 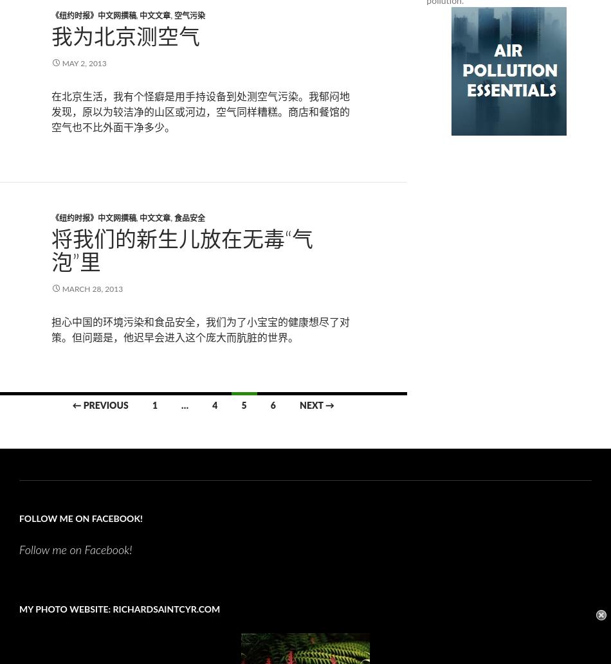 What do you see at coordinates (100, 404) in the screenshot?
I see `'← Previous'` at bounding box center [100, 404].